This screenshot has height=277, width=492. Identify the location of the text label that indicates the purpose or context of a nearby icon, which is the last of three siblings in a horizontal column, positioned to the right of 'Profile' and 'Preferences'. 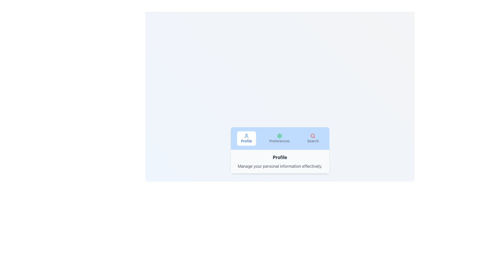
(313, 141).